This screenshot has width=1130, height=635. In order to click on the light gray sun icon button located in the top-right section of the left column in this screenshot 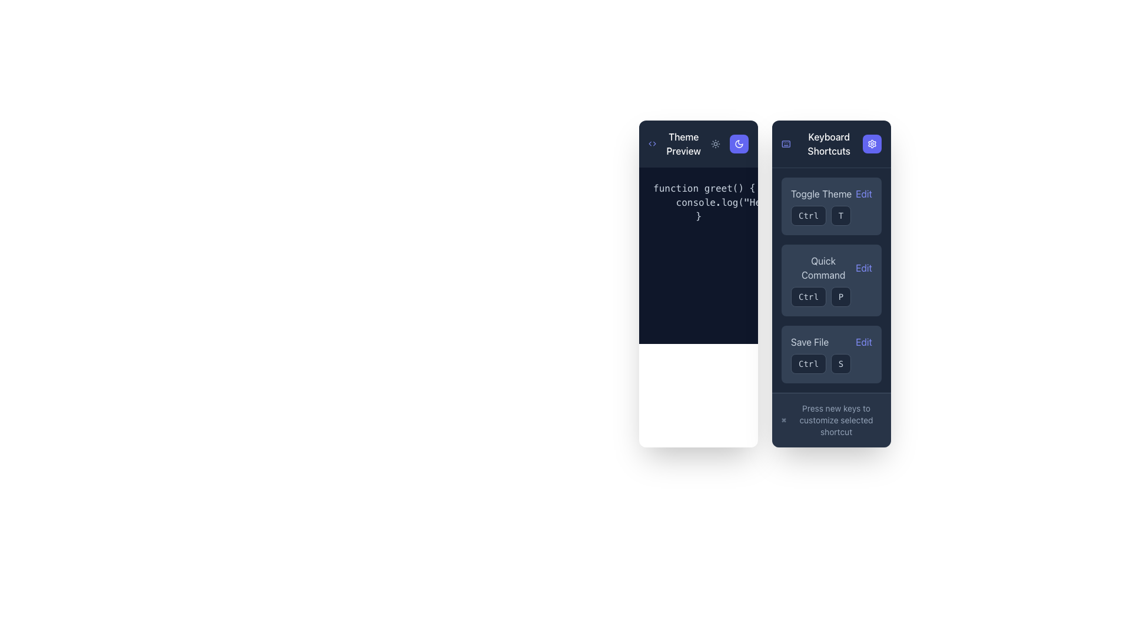, I will do `click(714, 143)`.